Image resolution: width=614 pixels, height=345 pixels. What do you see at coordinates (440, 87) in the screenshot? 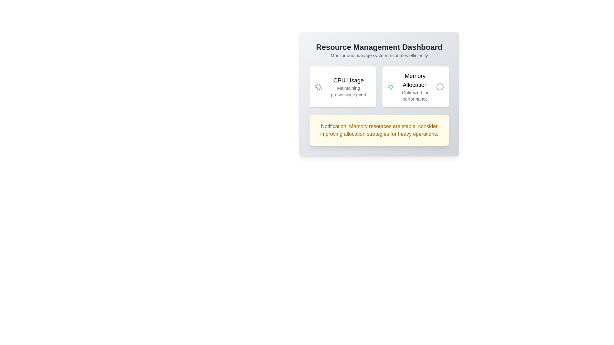
I see `the information icon located in the upper-right corner of the Memory Allocation card, positioned to the right of the title 'Memory Allocation' and above the subtitle 'Optimized for performance.'` at bounding box center [440, 87].